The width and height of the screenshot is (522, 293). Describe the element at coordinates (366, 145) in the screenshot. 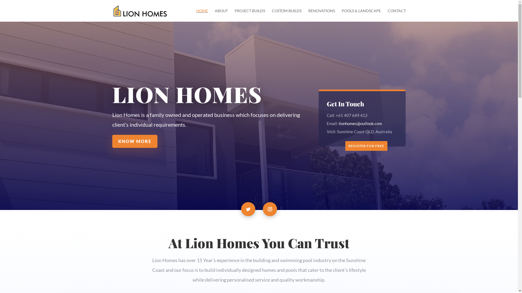

I see `'REGISTER FOR FREE'` at that location.